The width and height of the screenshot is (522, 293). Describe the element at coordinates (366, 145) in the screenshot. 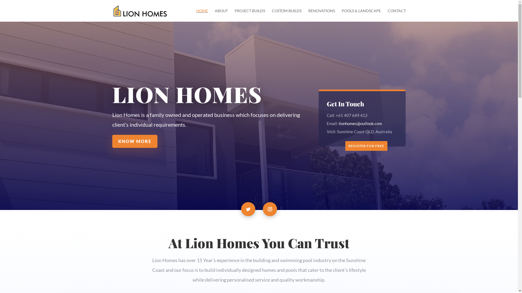

I see `'REGISTER FOR FREE'` at that location.